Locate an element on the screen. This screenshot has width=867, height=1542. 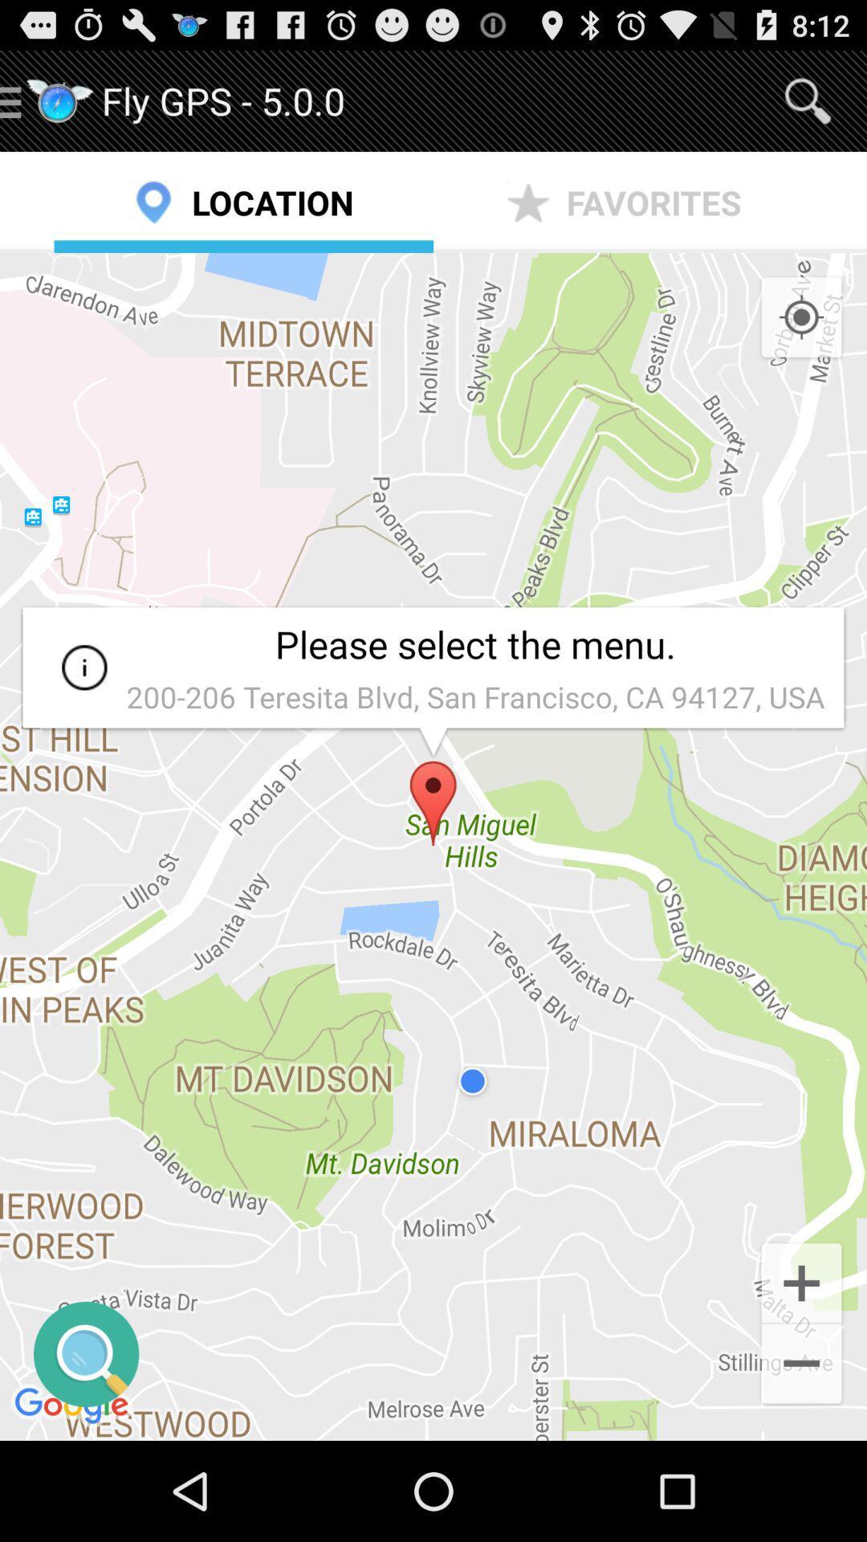
the location_crosshair icon is located at coordinates (801, 340).